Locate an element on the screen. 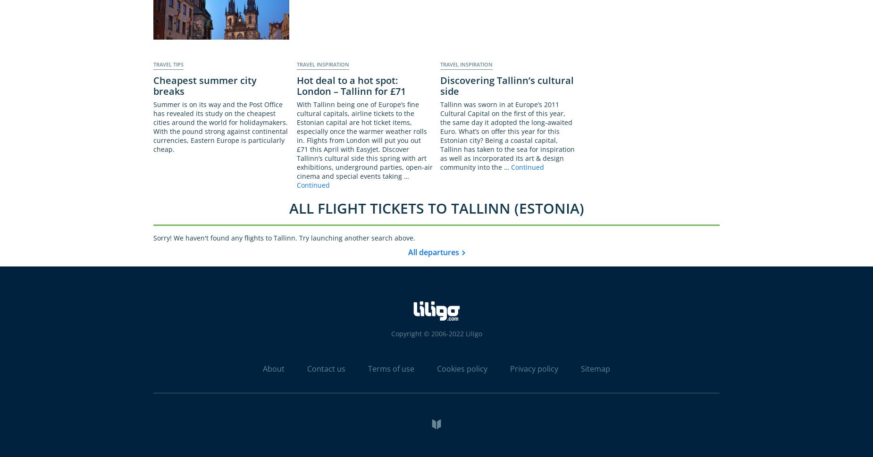 The width and height of the screenshot is (873, 457). 'About' is located at coordinates (273, 368).